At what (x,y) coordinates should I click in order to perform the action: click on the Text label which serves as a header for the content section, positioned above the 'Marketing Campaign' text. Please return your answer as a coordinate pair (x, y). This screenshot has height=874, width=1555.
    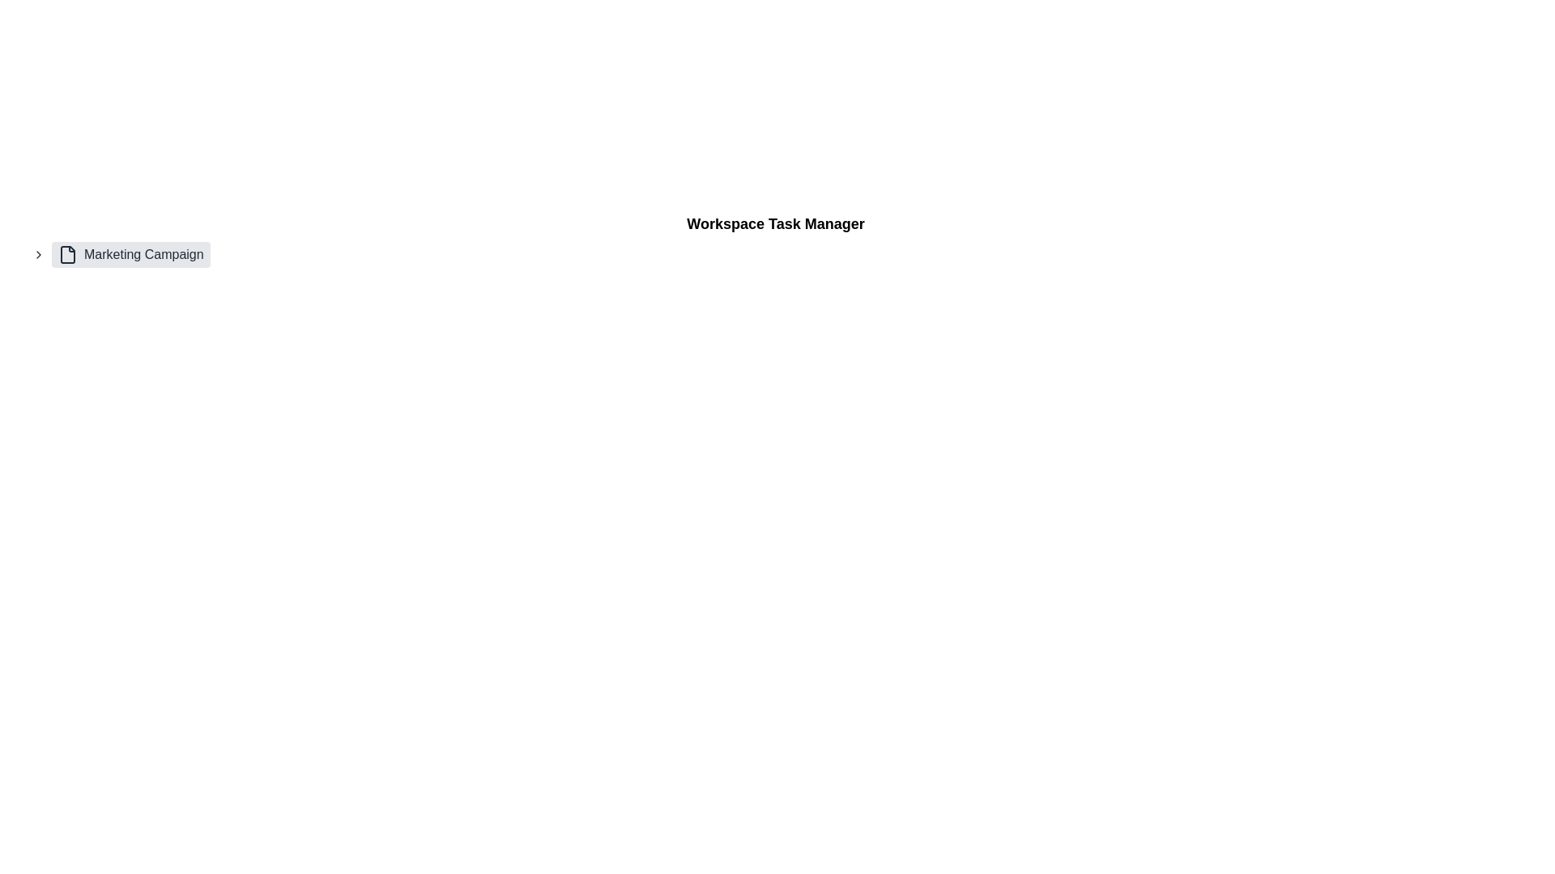
    Looking at the image, I should click on (775, 224).